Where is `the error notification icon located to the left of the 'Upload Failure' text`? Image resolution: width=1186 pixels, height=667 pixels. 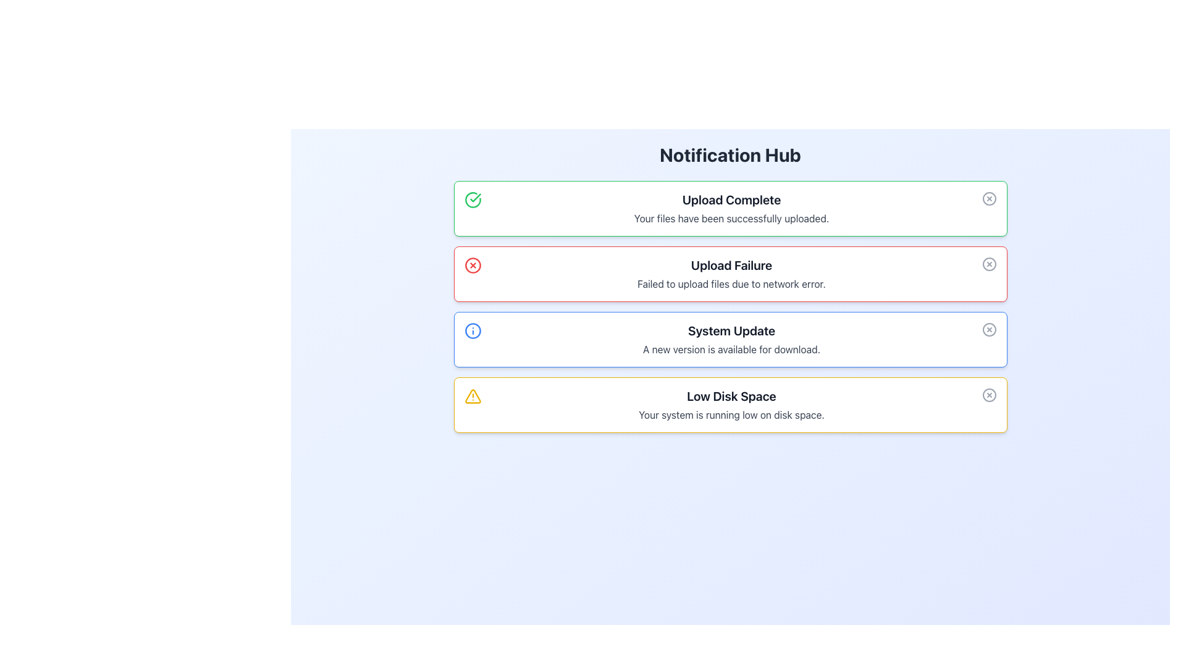
the error notification icon located to the left of the 'Upload Failure' text is located at coordinates (472, 264).